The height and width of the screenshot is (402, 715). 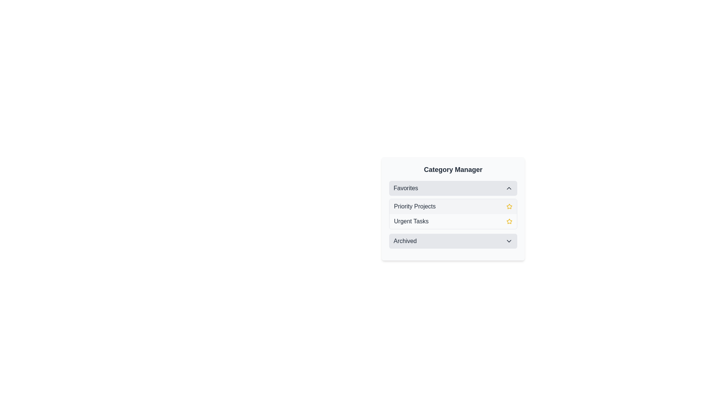 What do you see at coordinates (509, 207) in the screenshot?
I see `the star-shaped icon filled with yellow color, located within the 'Priority Projects' category in the 'Category Manager' list` at bounding box center [509, 207].